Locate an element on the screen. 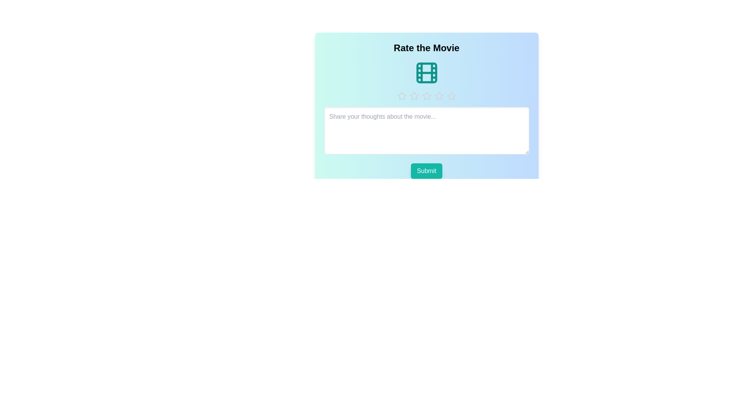  the rating to 1 stars by clicking on the respective star is located at coordinates (402, 95).